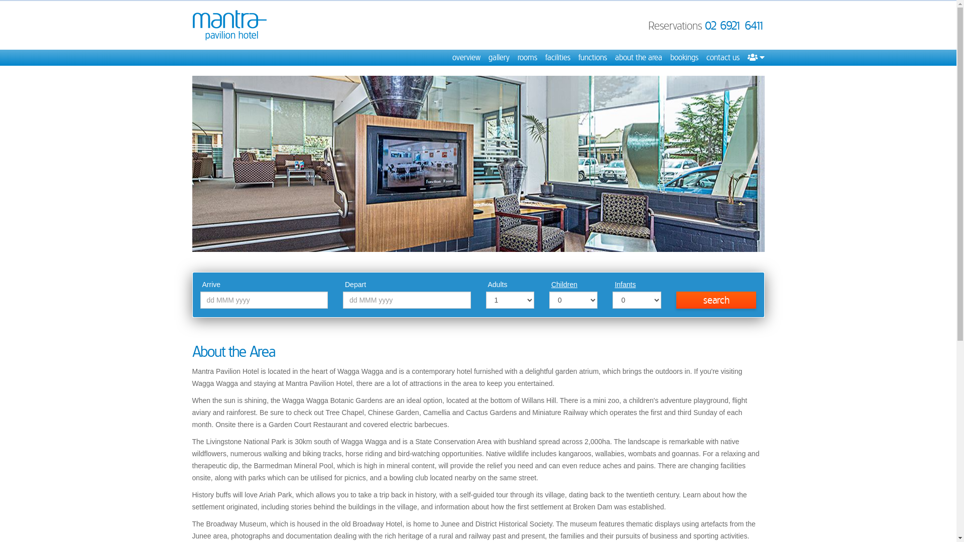 The width and height of the screenshot is (964, 542). I want to click on 'about the area', so click(638, 58).